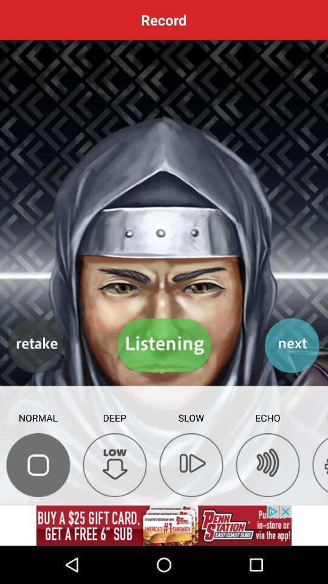 The image size is (328, 584). I want to click on reduce your level, so click(115, 464).